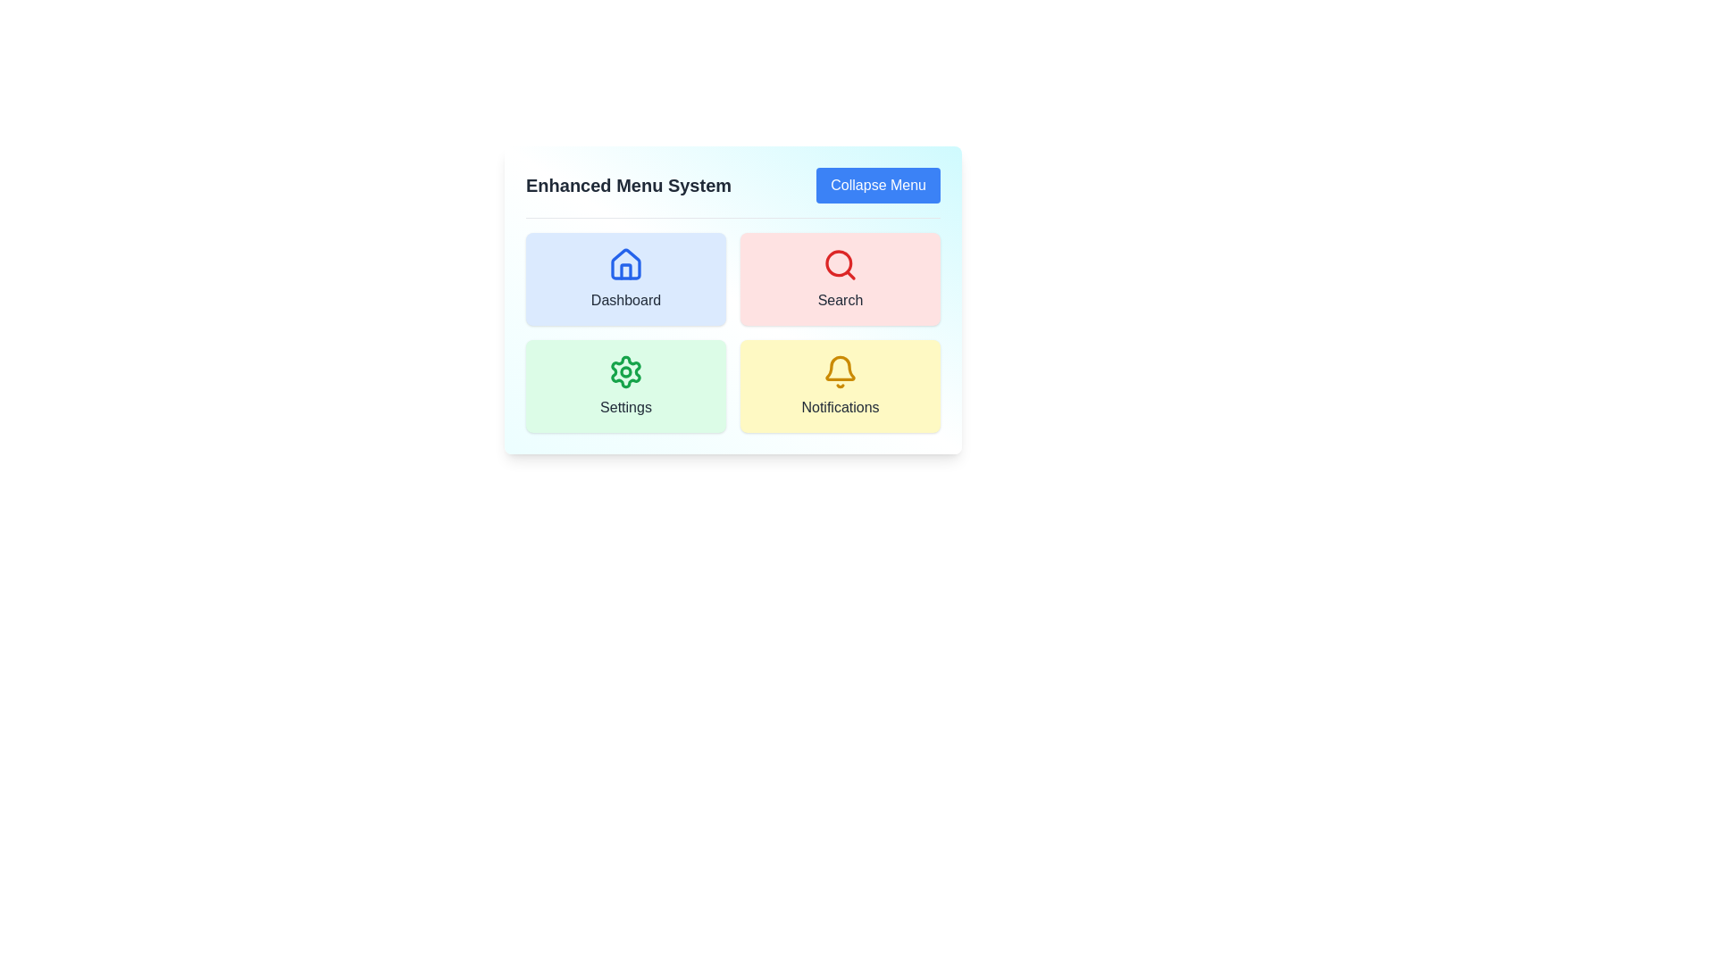 The width and height of the screenshot is (1715, 964). What do you see at coordinates (839, 265) in the screenshot?
I see `the 'Search' icon located in the second row, second column of a 2x2 grid layout, which is part of a pink rectangular button above the 'Search' text label` at bounding box center [839, 265].